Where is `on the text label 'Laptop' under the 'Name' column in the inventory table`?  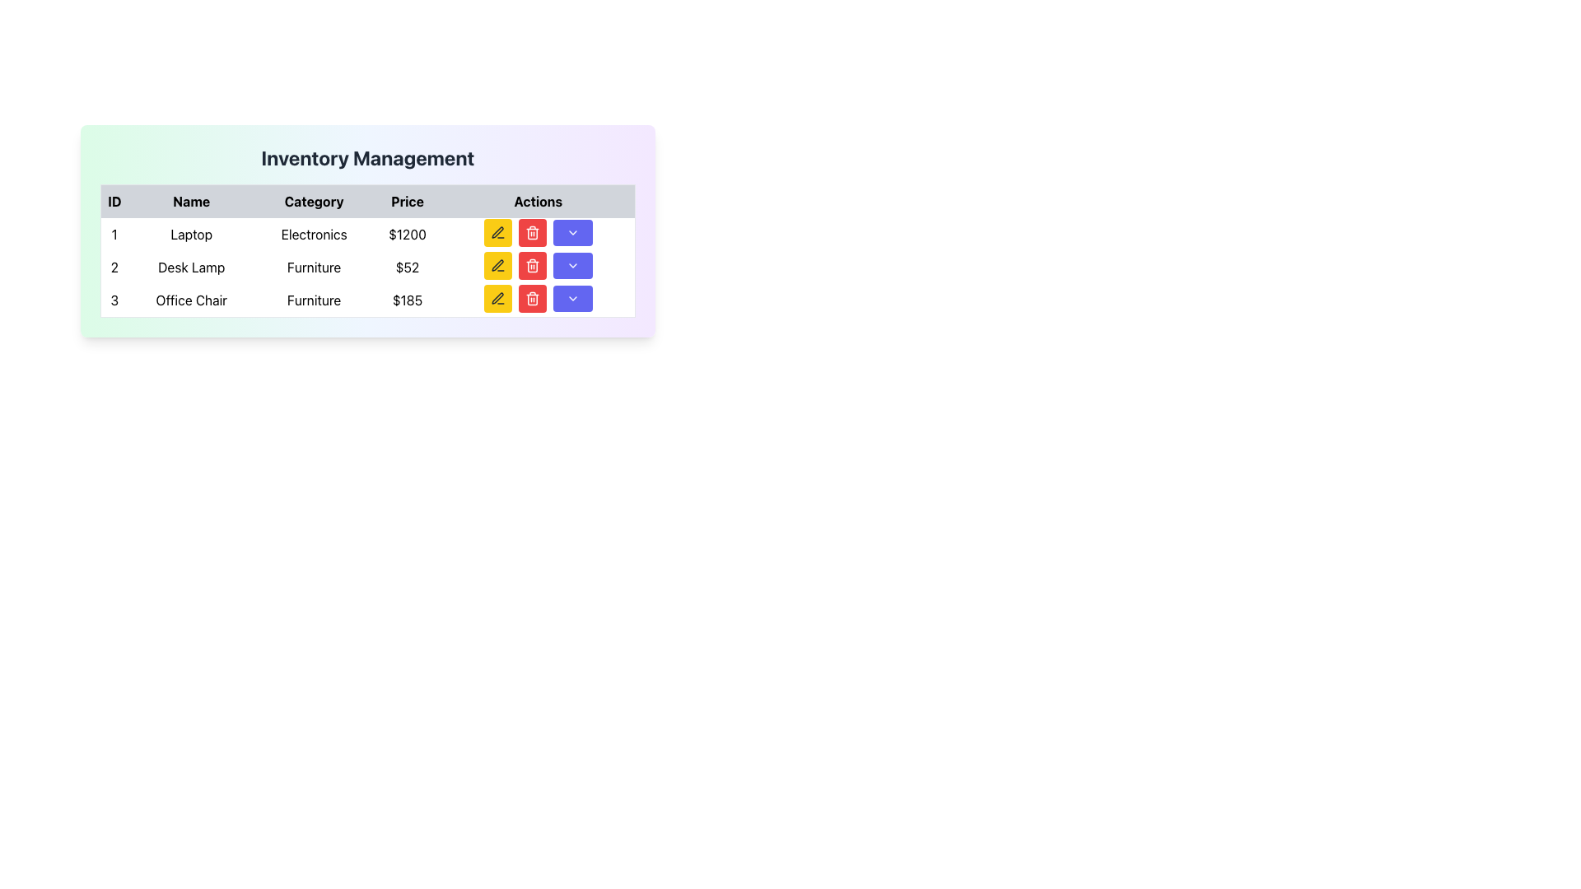
on the text label 'Laptop' under the 'Name' column in the inventory table is located at coordinates (191, 235).